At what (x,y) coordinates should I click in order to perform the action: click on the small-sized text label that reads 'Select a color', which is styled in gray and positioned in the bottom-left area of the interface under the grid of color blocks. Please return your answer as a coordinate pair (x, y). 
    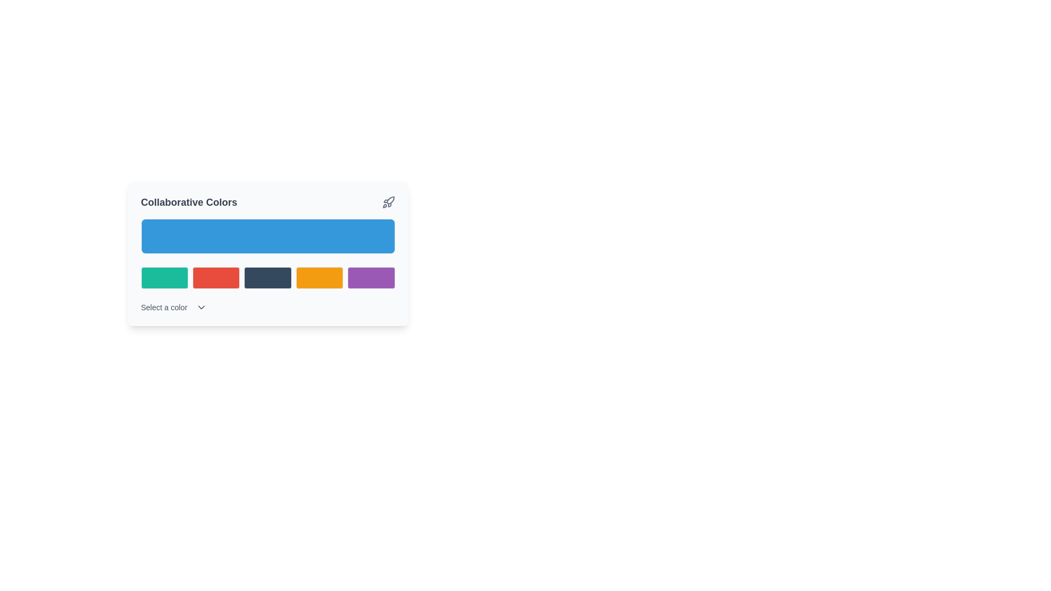
    Looking at the image, I should click on (163, 308).